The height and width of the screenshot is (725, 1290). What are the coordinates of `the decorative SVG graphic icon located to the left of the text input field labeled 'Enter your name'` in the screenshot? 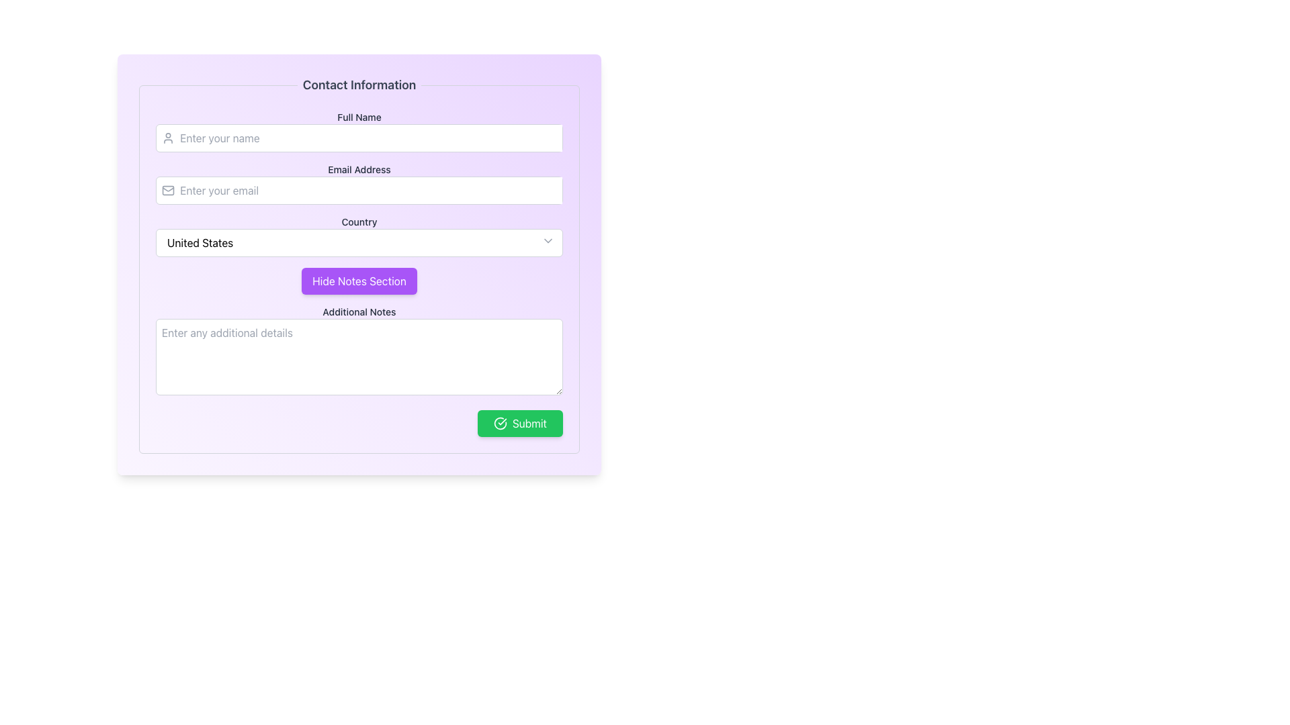 It's located at (167, 138).